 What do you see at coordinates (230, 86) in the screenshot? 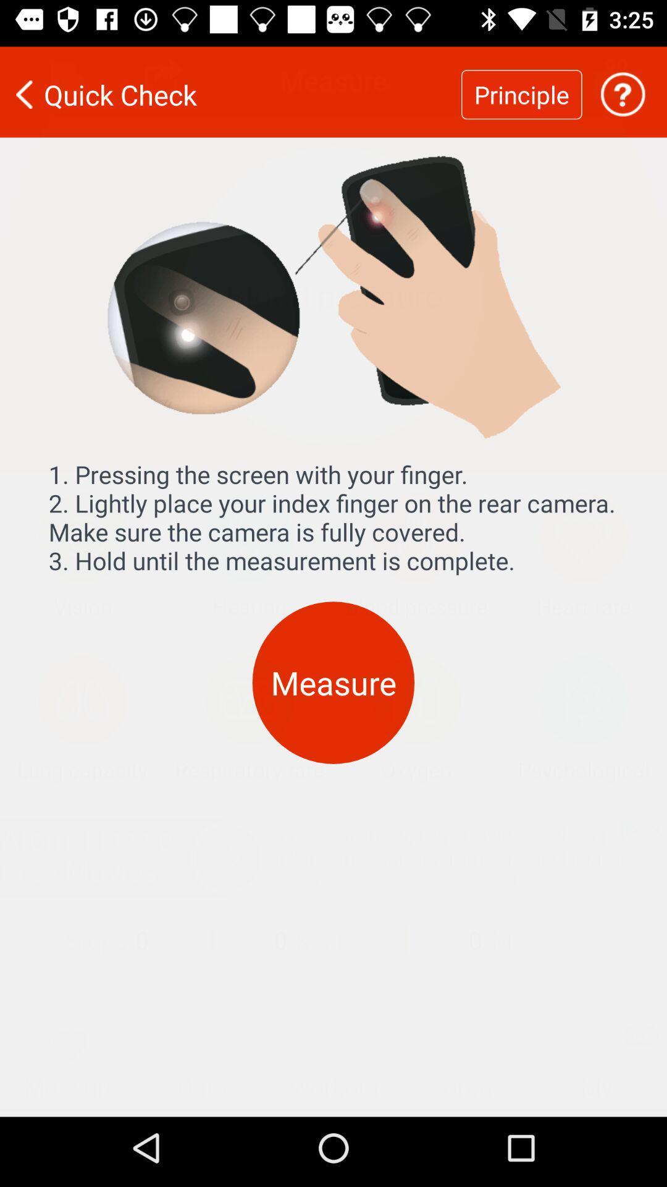
I see `quick check` at bounding box center [230, 86].